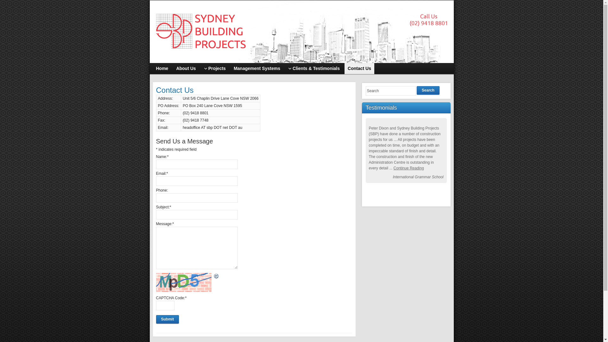  What do you see at coordinates (428, 90) in the screenshot?
I see `'Search'` at bounding box center [428, 90].